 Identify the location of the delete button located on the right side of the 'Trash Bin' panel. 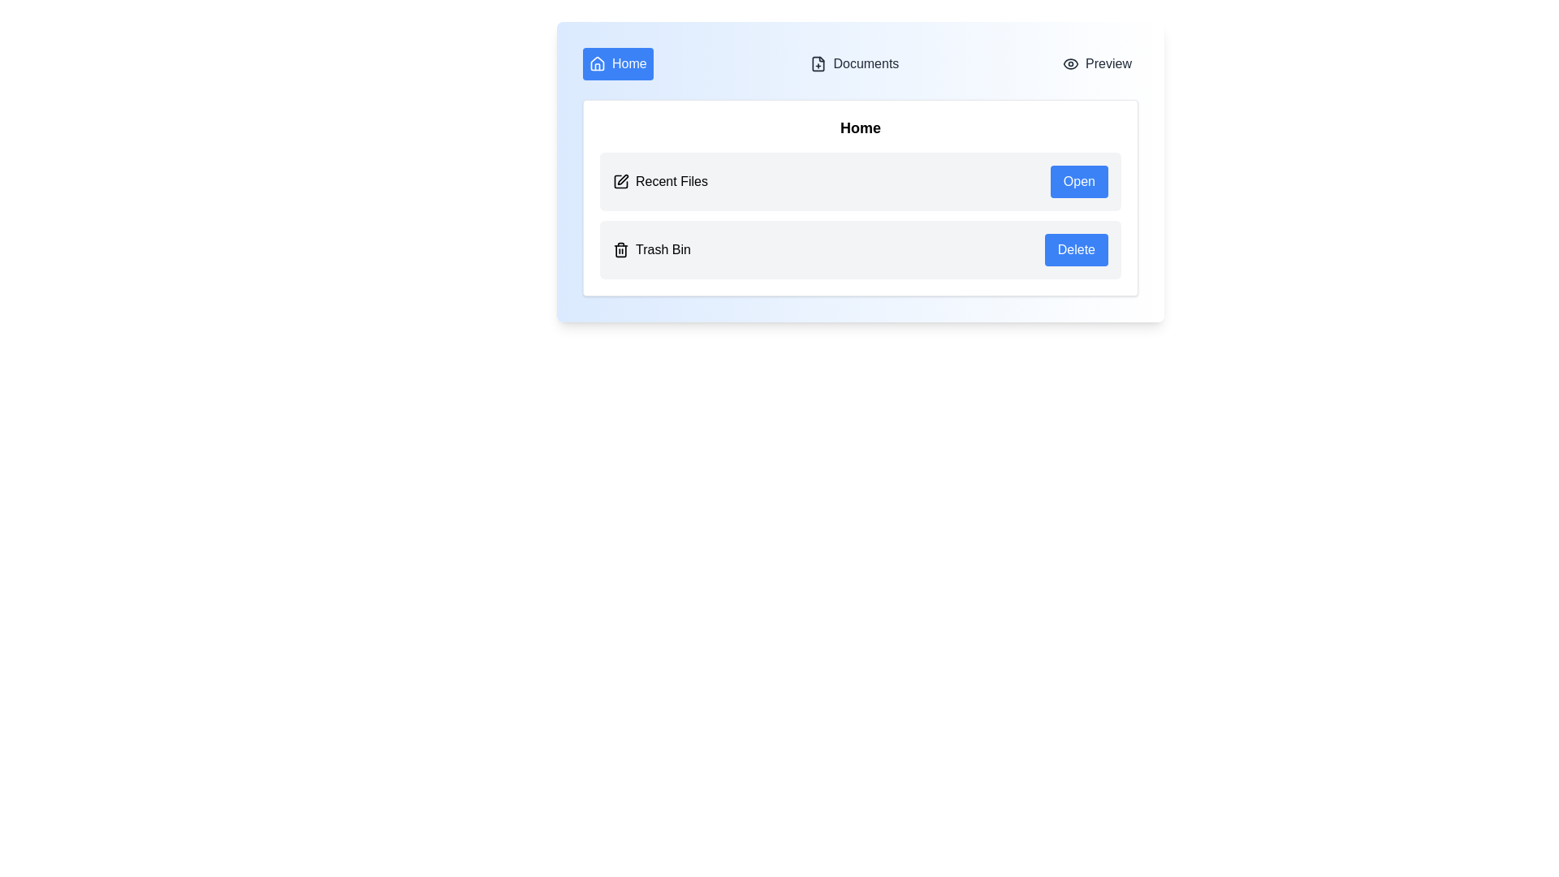
(1076, 250).